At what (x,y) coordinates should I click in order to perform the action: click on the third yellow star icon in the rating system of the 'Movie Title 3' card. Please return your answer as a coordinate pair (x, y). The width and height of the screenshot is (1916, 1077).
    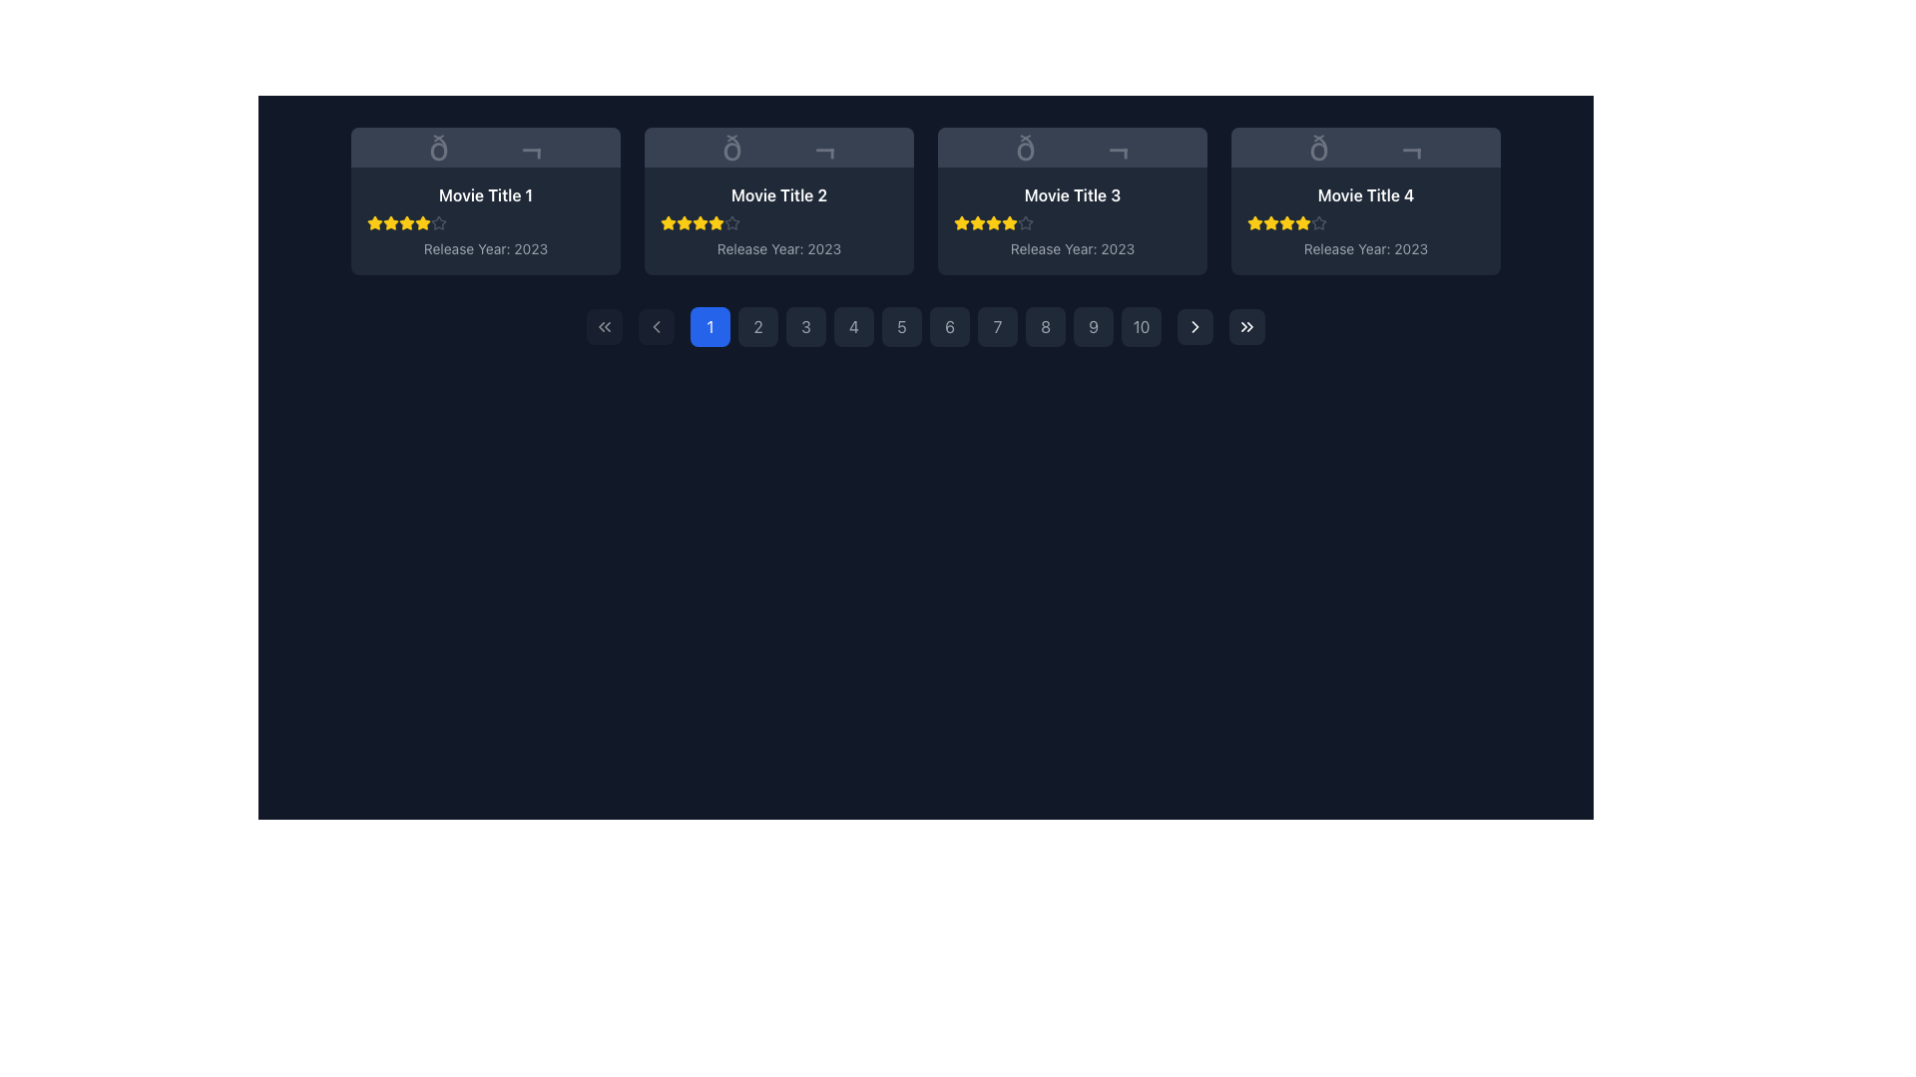
    Looking at the image, I should click on (977, 222).